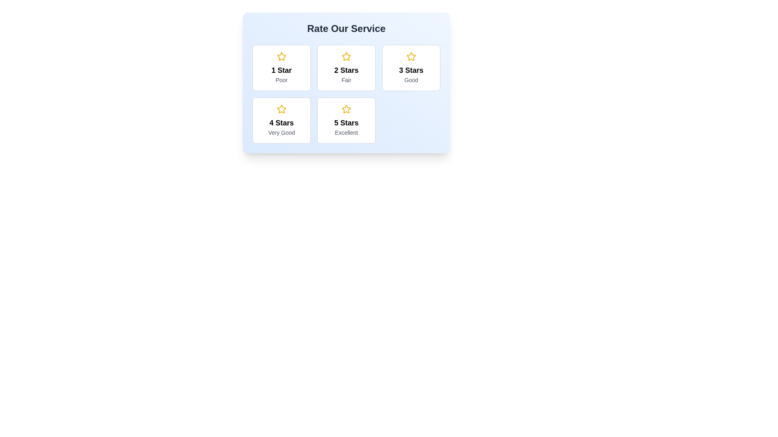 This screenshot has width=778, height=437. What do you see at coordinates (346, 80) in the screenshot?
I see `the static text label that provides qualitative feedback ('Fair') for the '2 Stars' rating, located at the bottom of the block displaying '2 Stars' in the rating grid` at bounding box center [346, 80].